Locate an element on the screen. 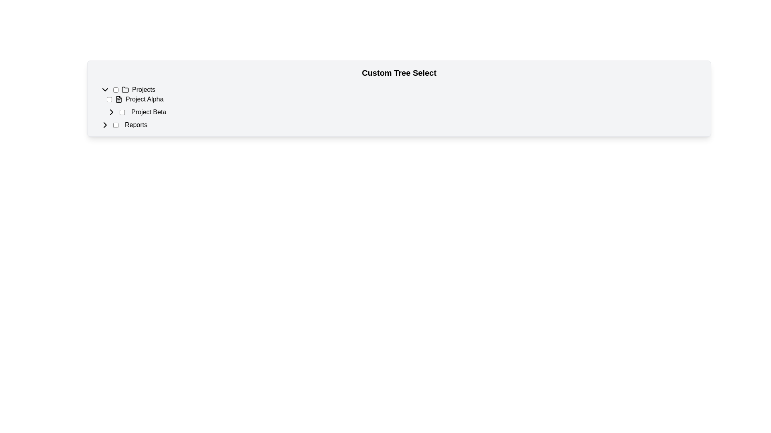 This screenshot has width=771, height=433. the right-pointing chevron arrow icon adjacent to the text 'Project Beta' within the collapsible section under the 'Projects' category to interact with related contexts is located at coordinates (111, 112).